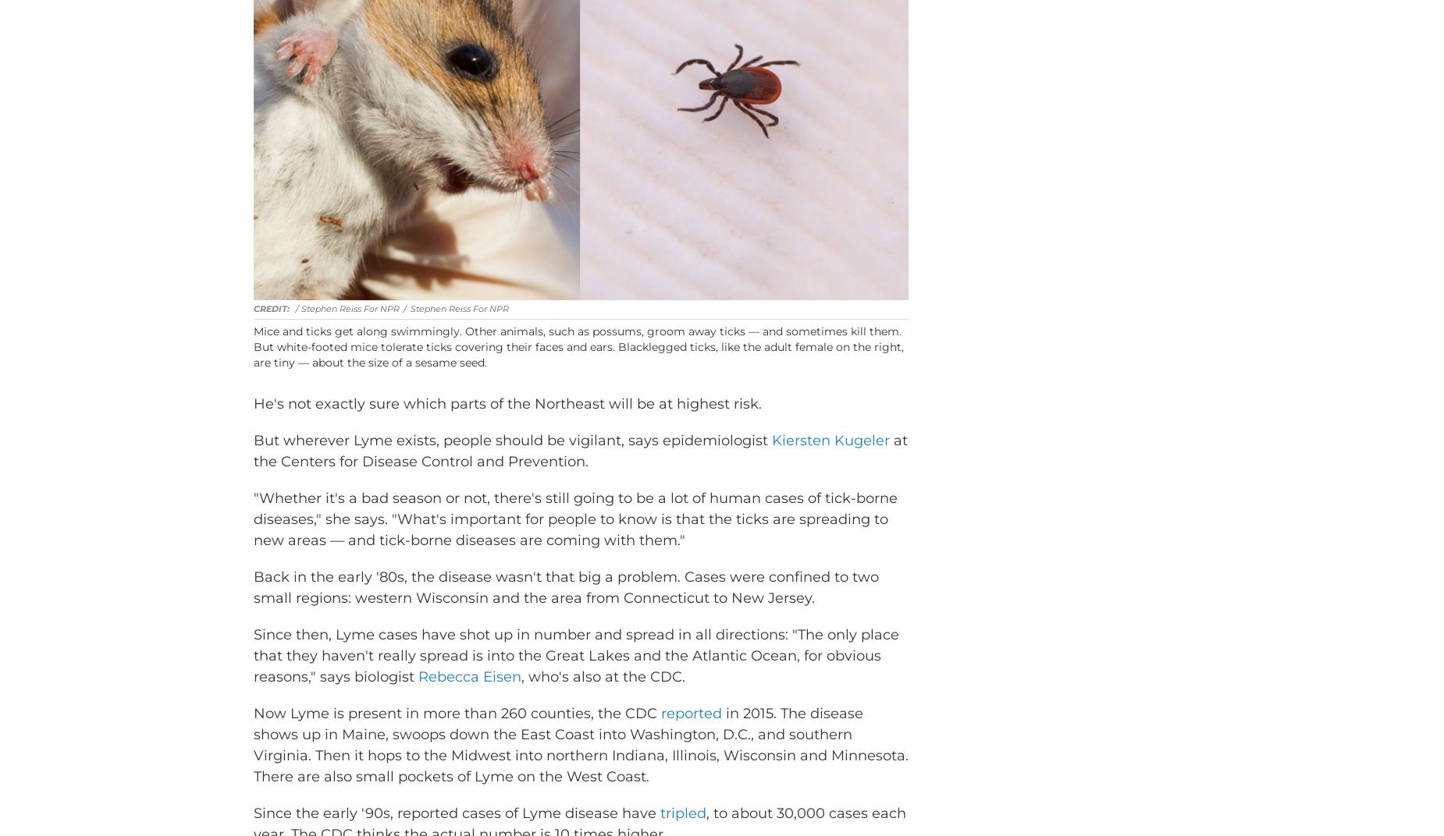 The height and width of the screenshot is (836, 1444). I want to click on 'Stephen Reiss for NPR', so click(460, 331).